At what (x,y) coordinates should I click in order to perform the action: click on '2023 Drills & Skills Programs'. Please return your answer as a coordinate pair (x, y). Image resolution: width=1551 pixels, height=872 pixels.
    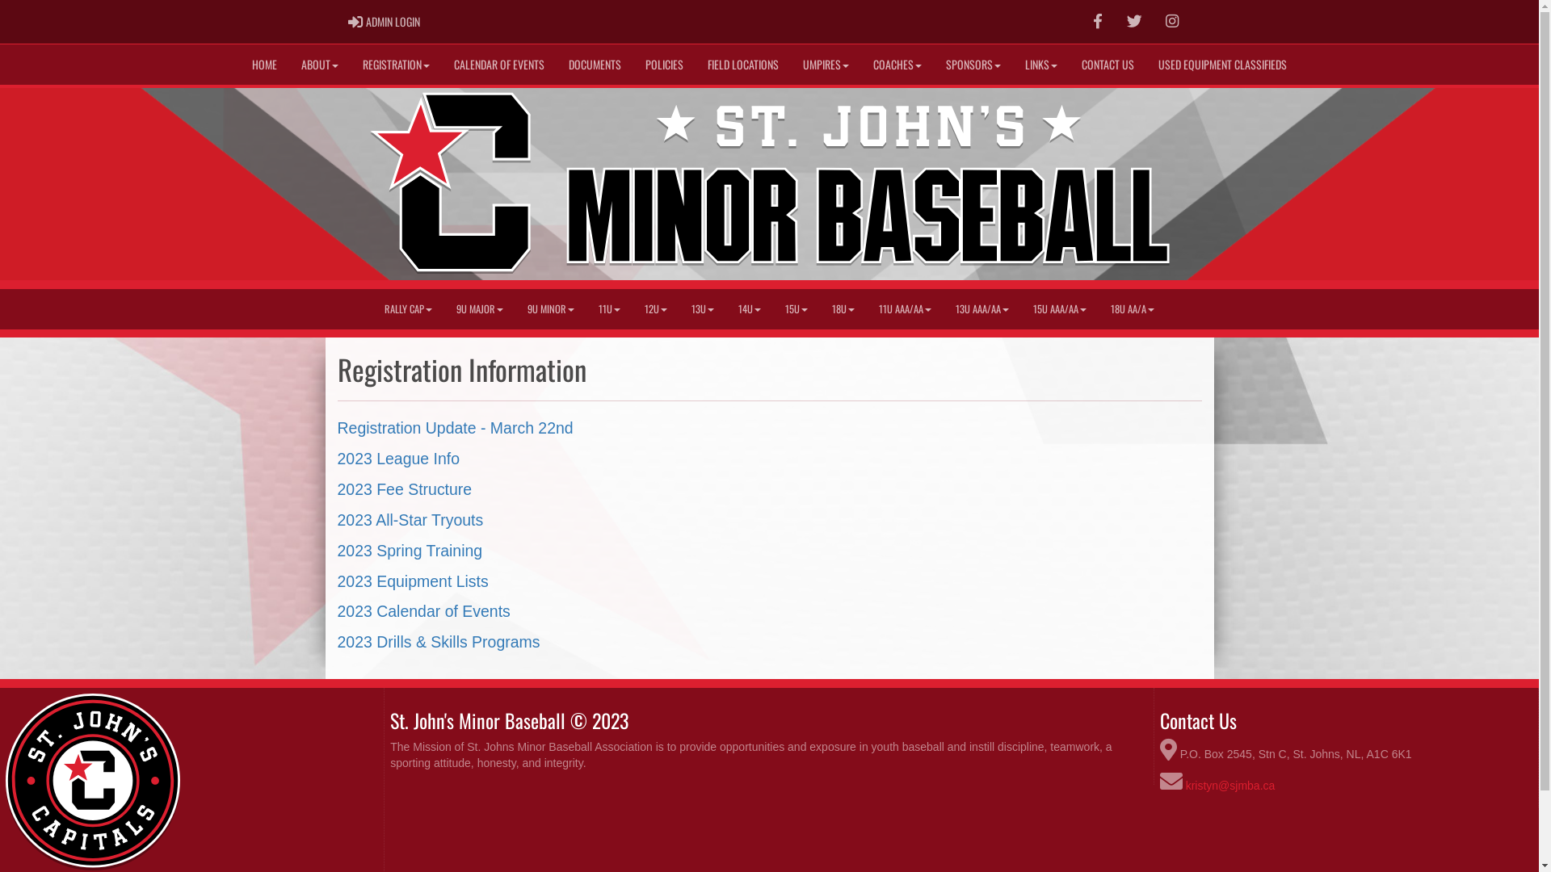
    Looking at the image, I should click on (439, 640).